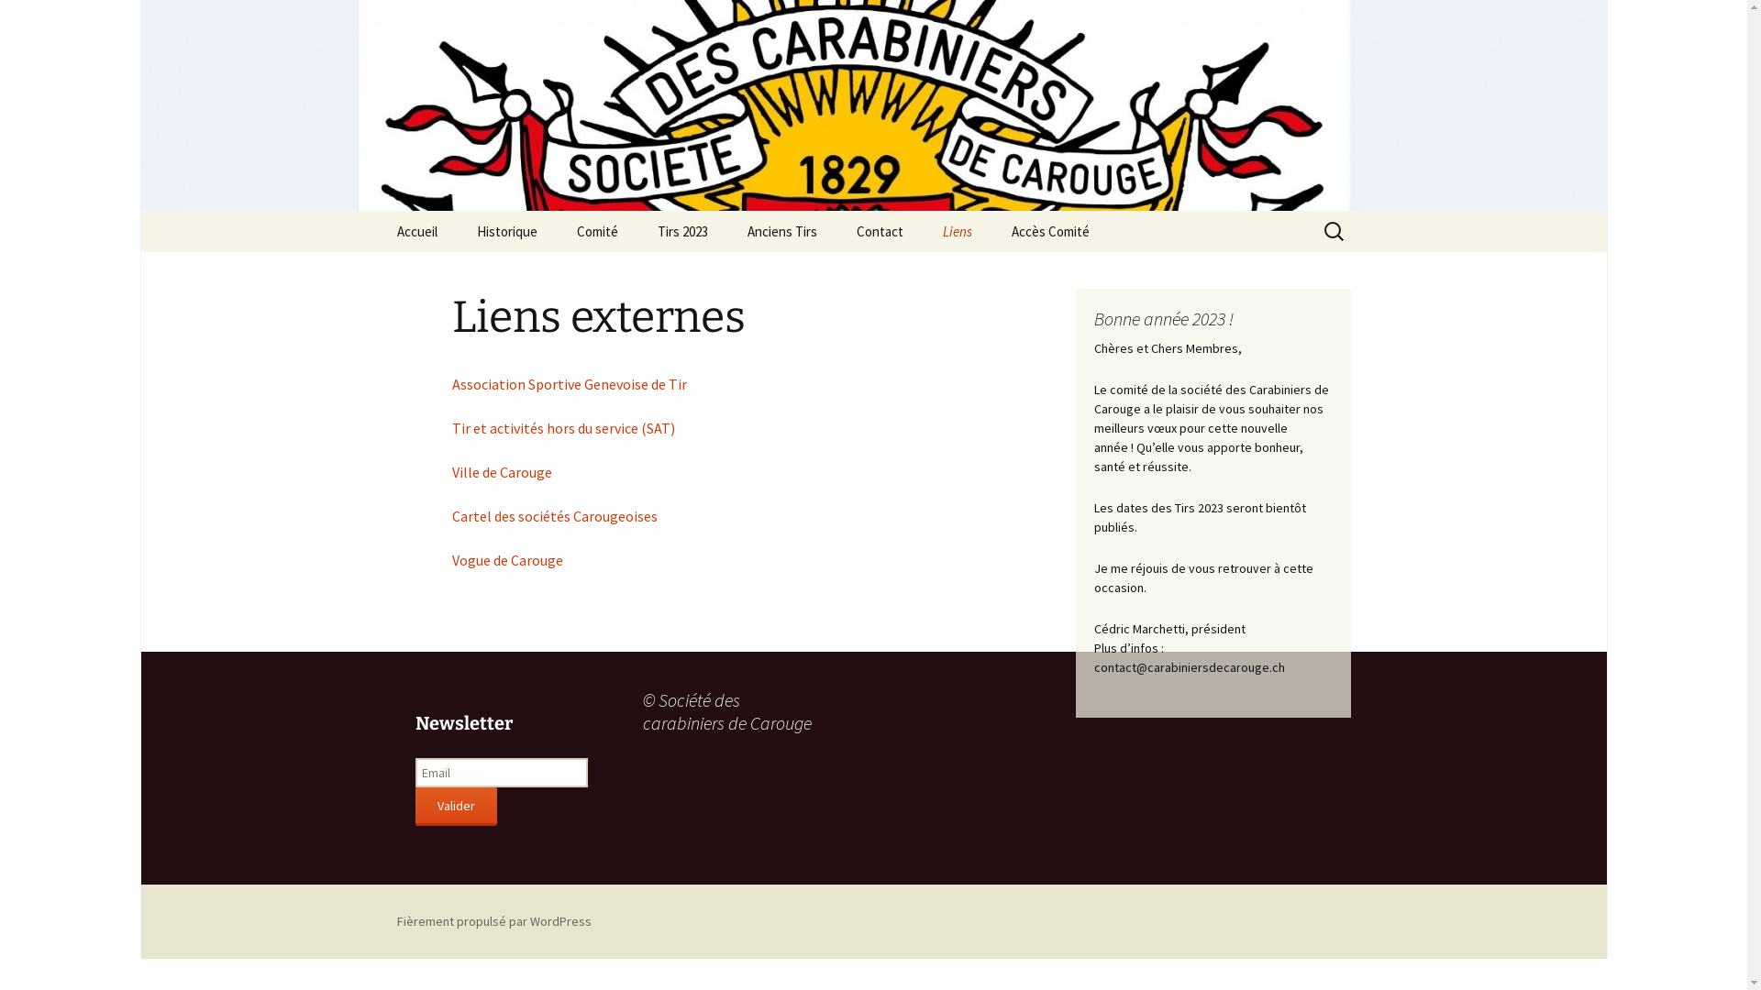  I want to click on 'Valider', so click(413, 805).